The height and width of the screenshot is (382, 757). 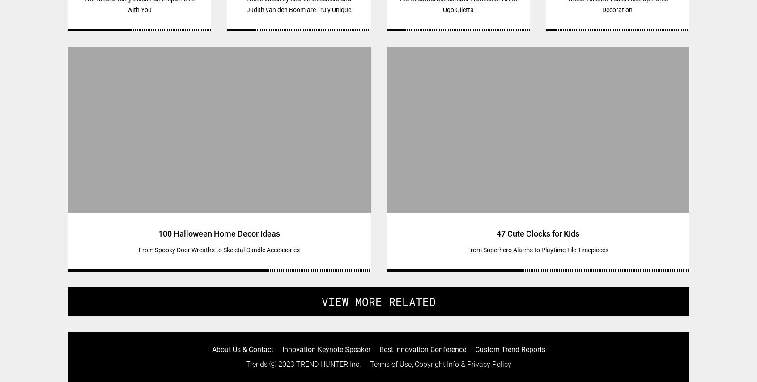 What do you see at coordinates (246, 363) in the screenshot?
I see `'Trends'` at bounding box center [246, 363].